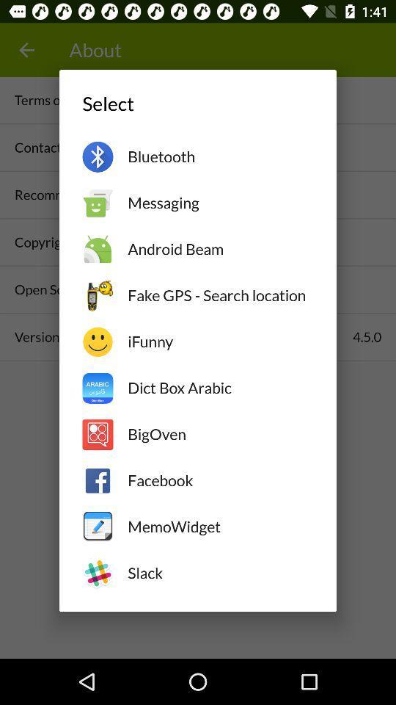  Describe the element at coordinates (219, 480) in the screenshot. I see `the icon above memowidget` at that location.